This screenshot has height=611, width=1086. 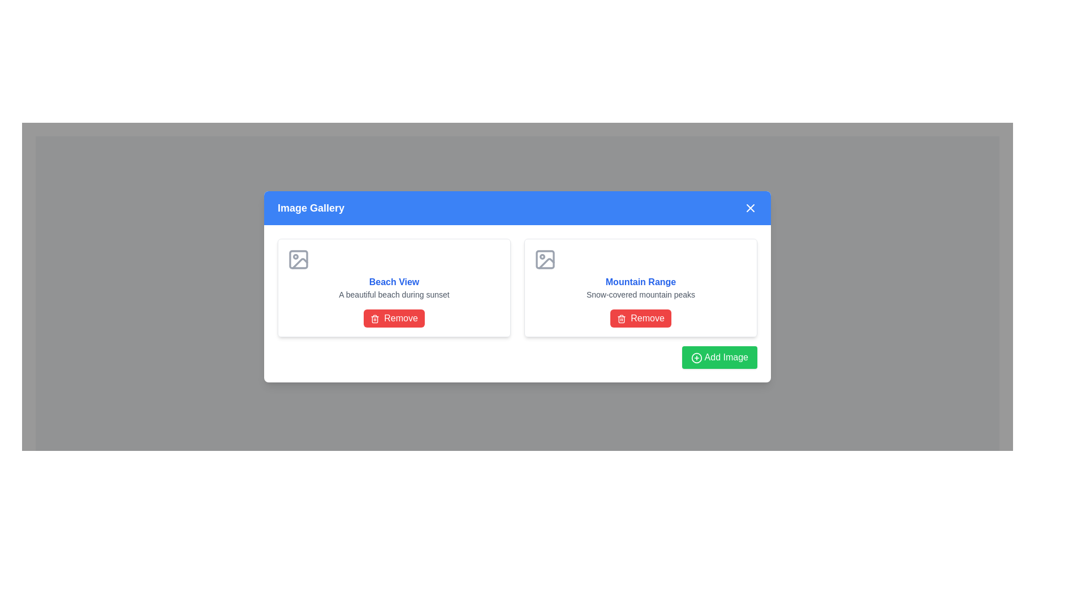 What do you see at coordinates (621, 319) in the screenshot?
I see `the 'Remove' button, which contains a small red trash can icon` at bounding box center [621, 319].